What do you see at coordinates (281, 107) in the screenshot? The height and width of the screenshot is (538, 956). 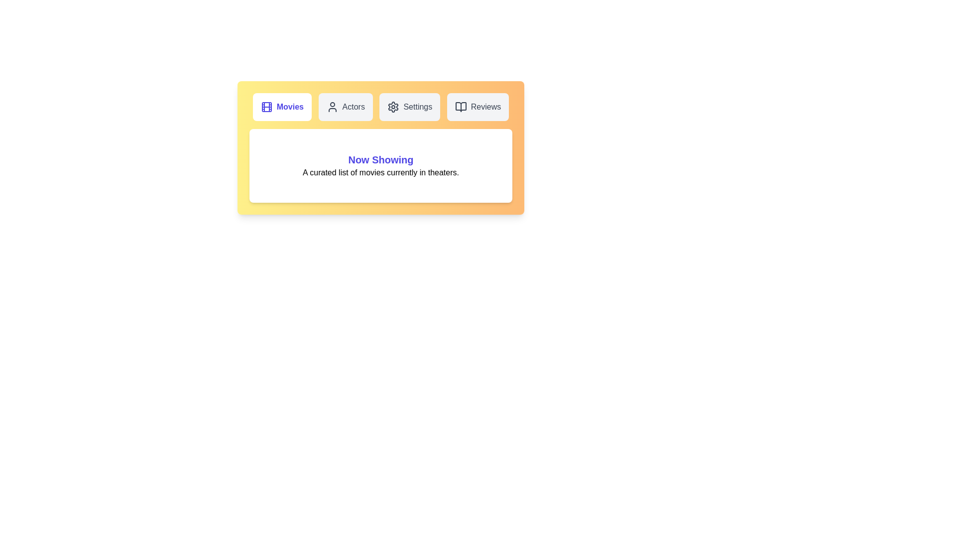 I see `the tab labeled Movies to preview its interaction` at bounding box center [281, 107].